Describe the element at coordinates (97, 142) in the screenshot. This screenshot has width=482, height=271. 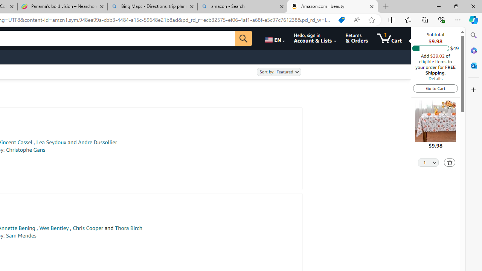
I see `'Andre Dussollier'` at that location.